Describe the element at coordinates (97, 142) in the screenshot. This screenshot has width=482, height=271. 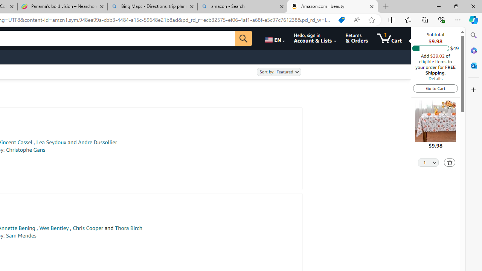
I see `'Andre Dussollier'` at that location.